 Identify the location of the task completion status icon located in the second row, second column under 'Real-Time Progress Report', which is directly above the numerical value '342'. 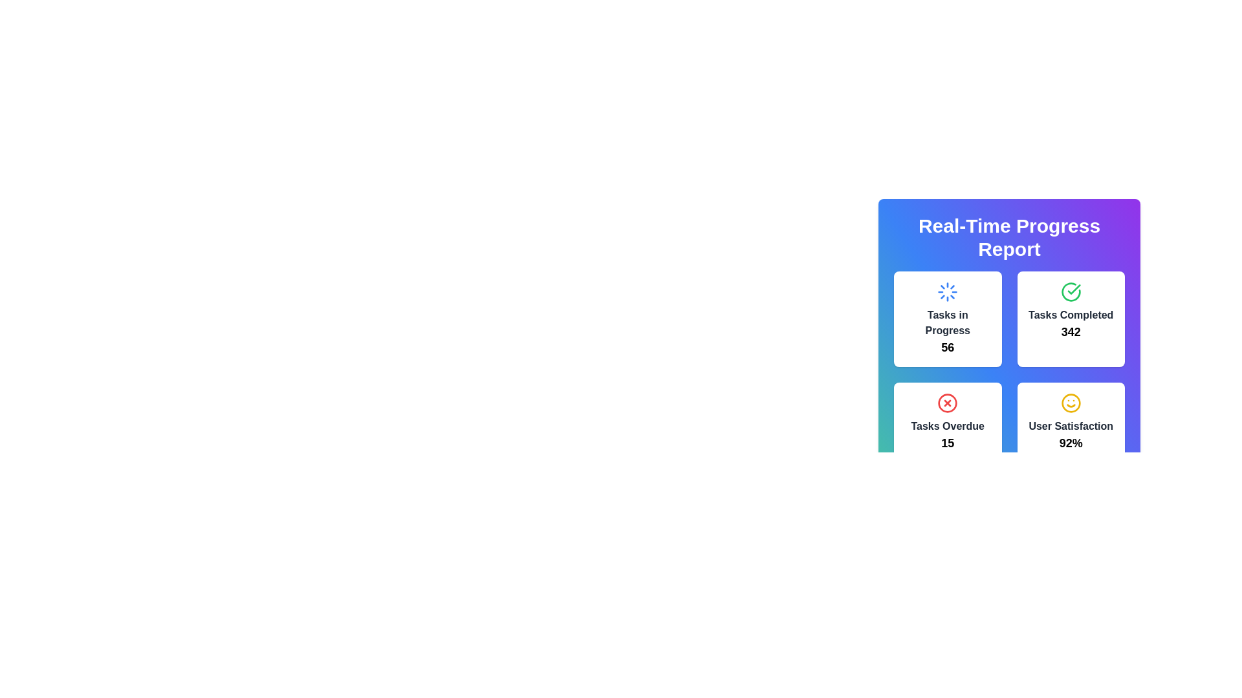
(1071, 291).